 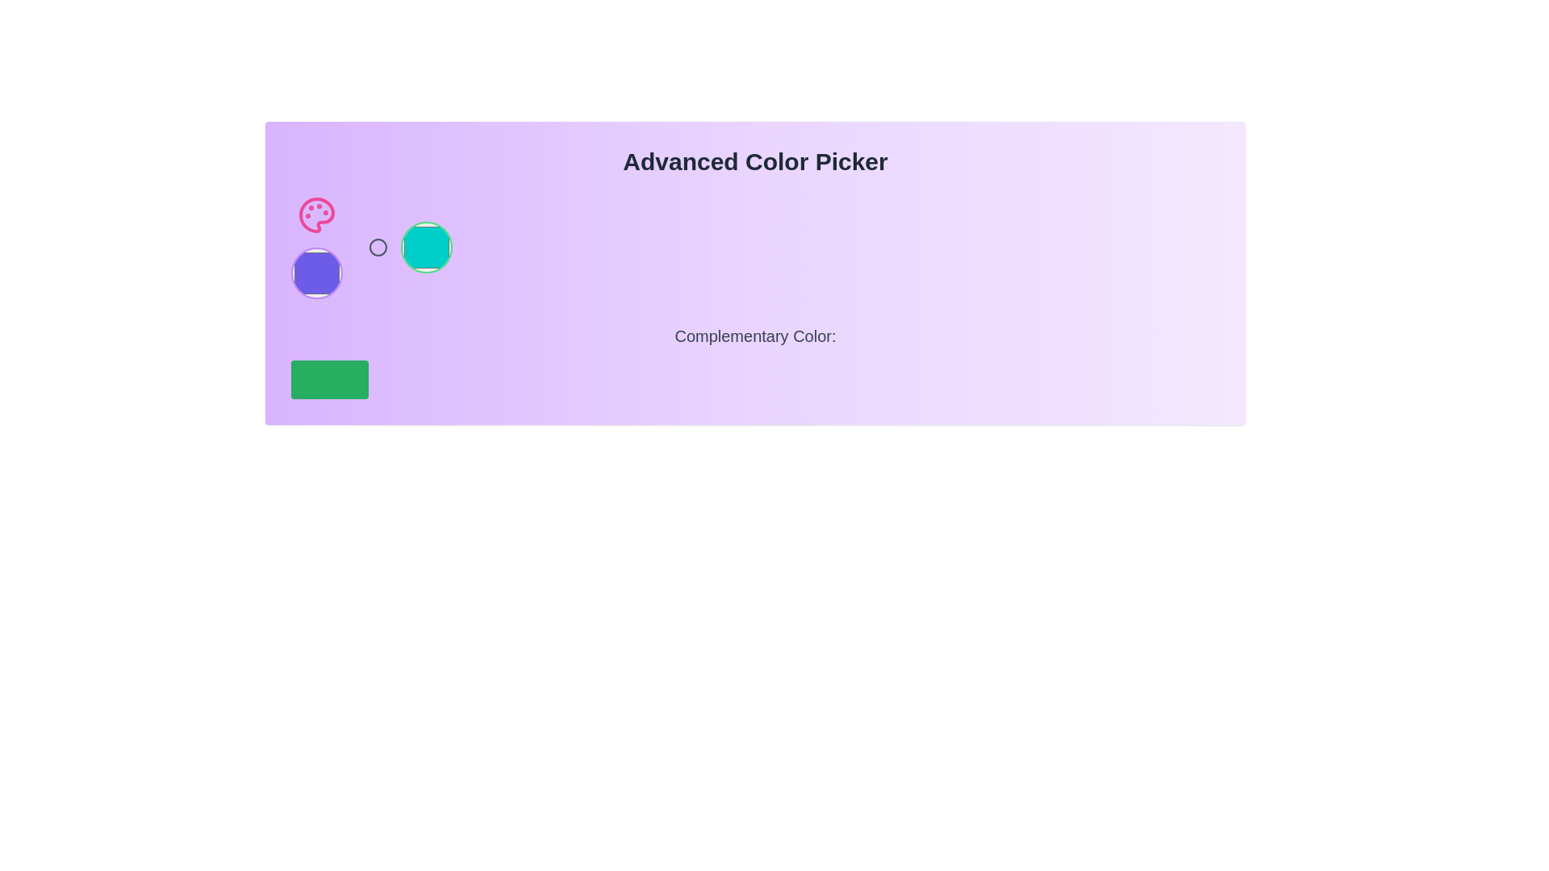 I want to click on the third Selectable Color Button which has a turquoise fill and a green outline, located in a horizontal layout, so click(x=426, y=248).